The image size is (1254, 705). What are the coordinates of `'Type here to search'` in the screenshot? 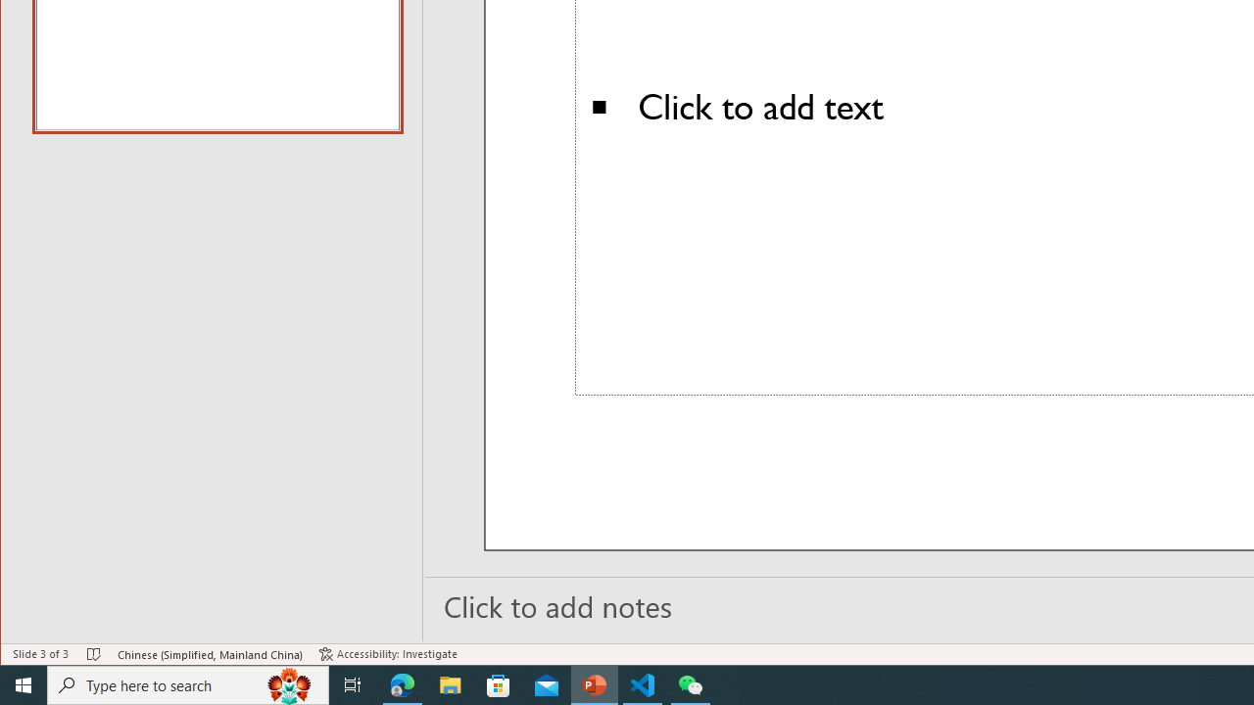 It's located at (188, 683).